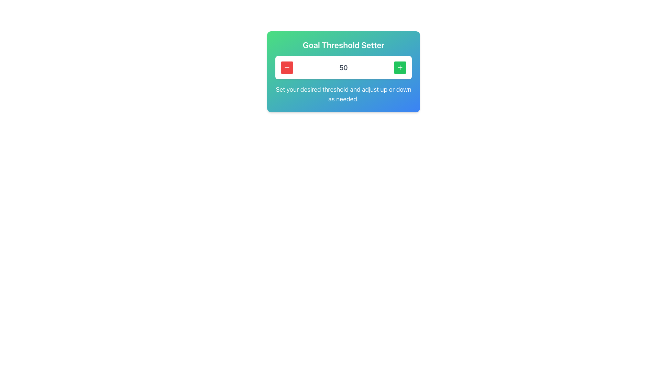 The height and width of the screenshot is (371, 660). What do you see at coordinates (343, 94) in the screenshot?
I see `the static text that reads 'Set your desired threshold and adjust up or down as needed.', which is styled in white, large font and is centrally placed beneath the main content` at bounding box center [343, 94].